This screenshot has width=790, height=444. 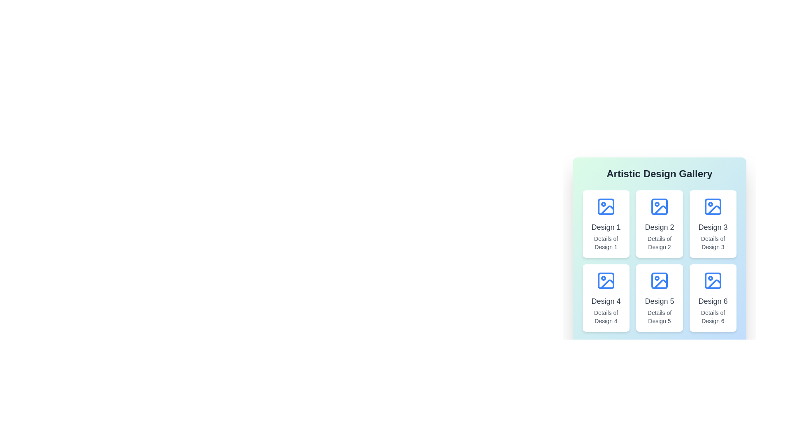 I want to click on the static text label displaying 'Details of Design 1', which is styled with a small gray font and positioned below the heading 'Design 1' in the first cell of a 2x3 grid, so click(x=606, y=242).